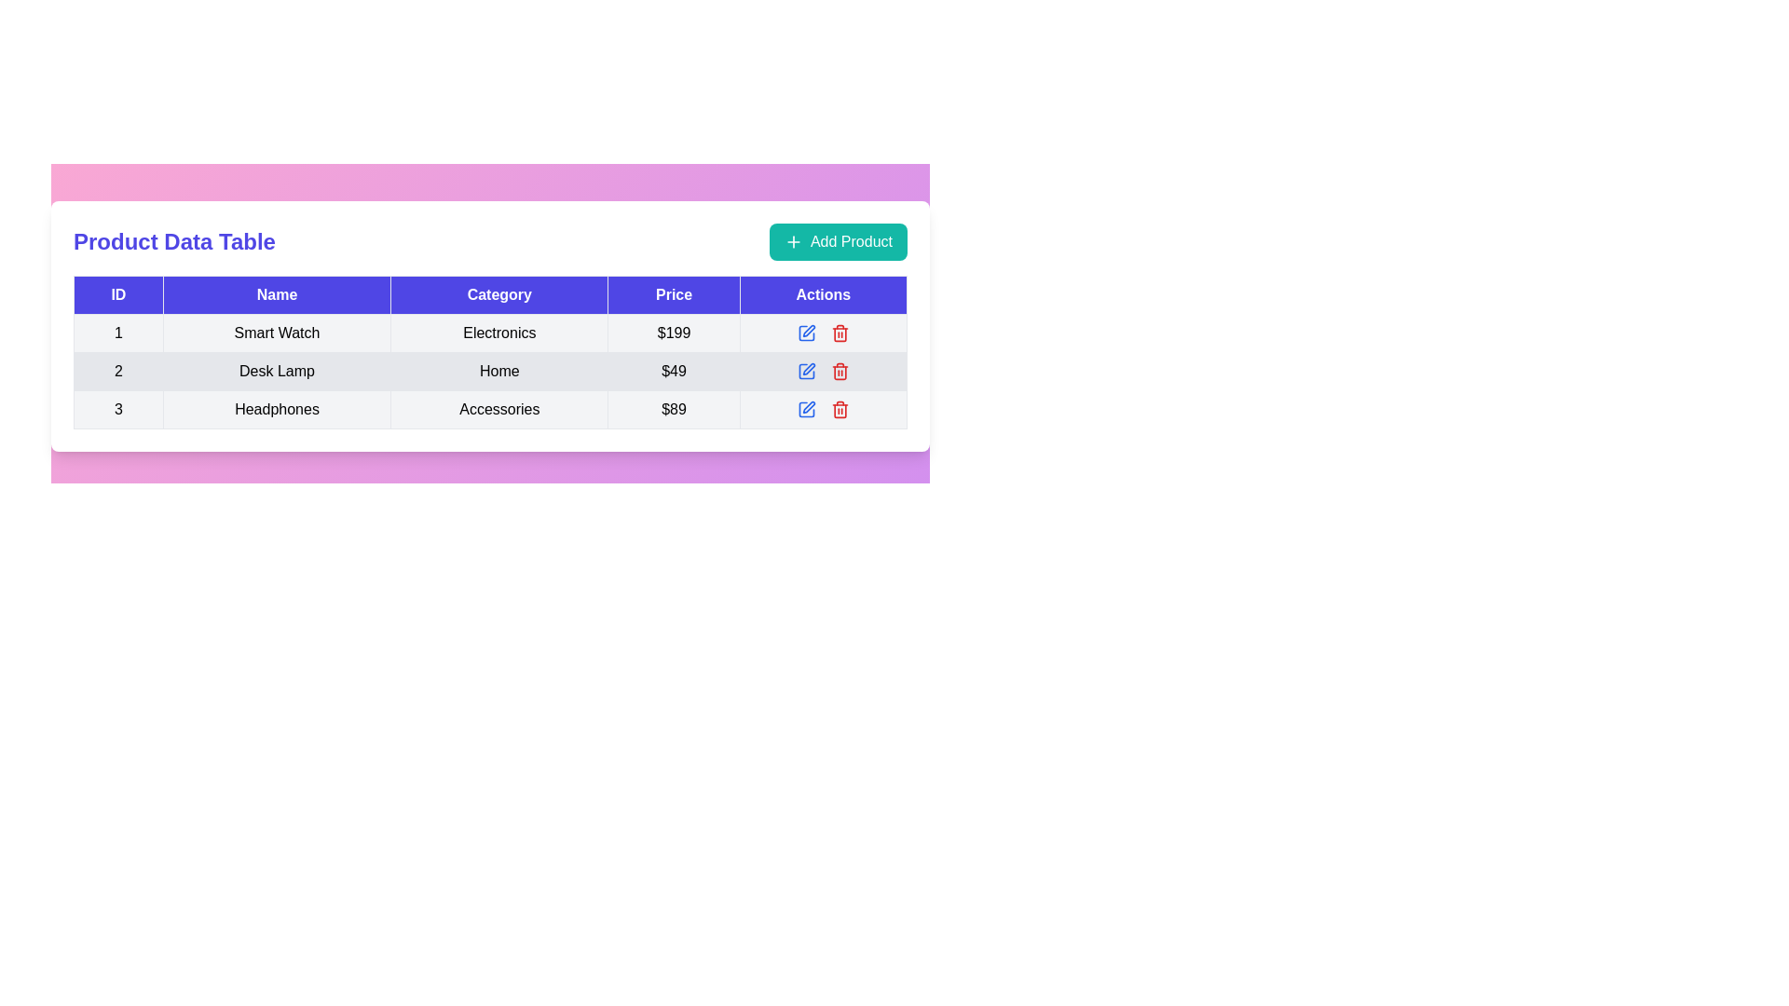  What do you see at coordinates (673, 333) in the screenshot?
I see `the price text label displaying '$199' for the 'Smart Watch' product in the data table` at bounding box center [673, 333].